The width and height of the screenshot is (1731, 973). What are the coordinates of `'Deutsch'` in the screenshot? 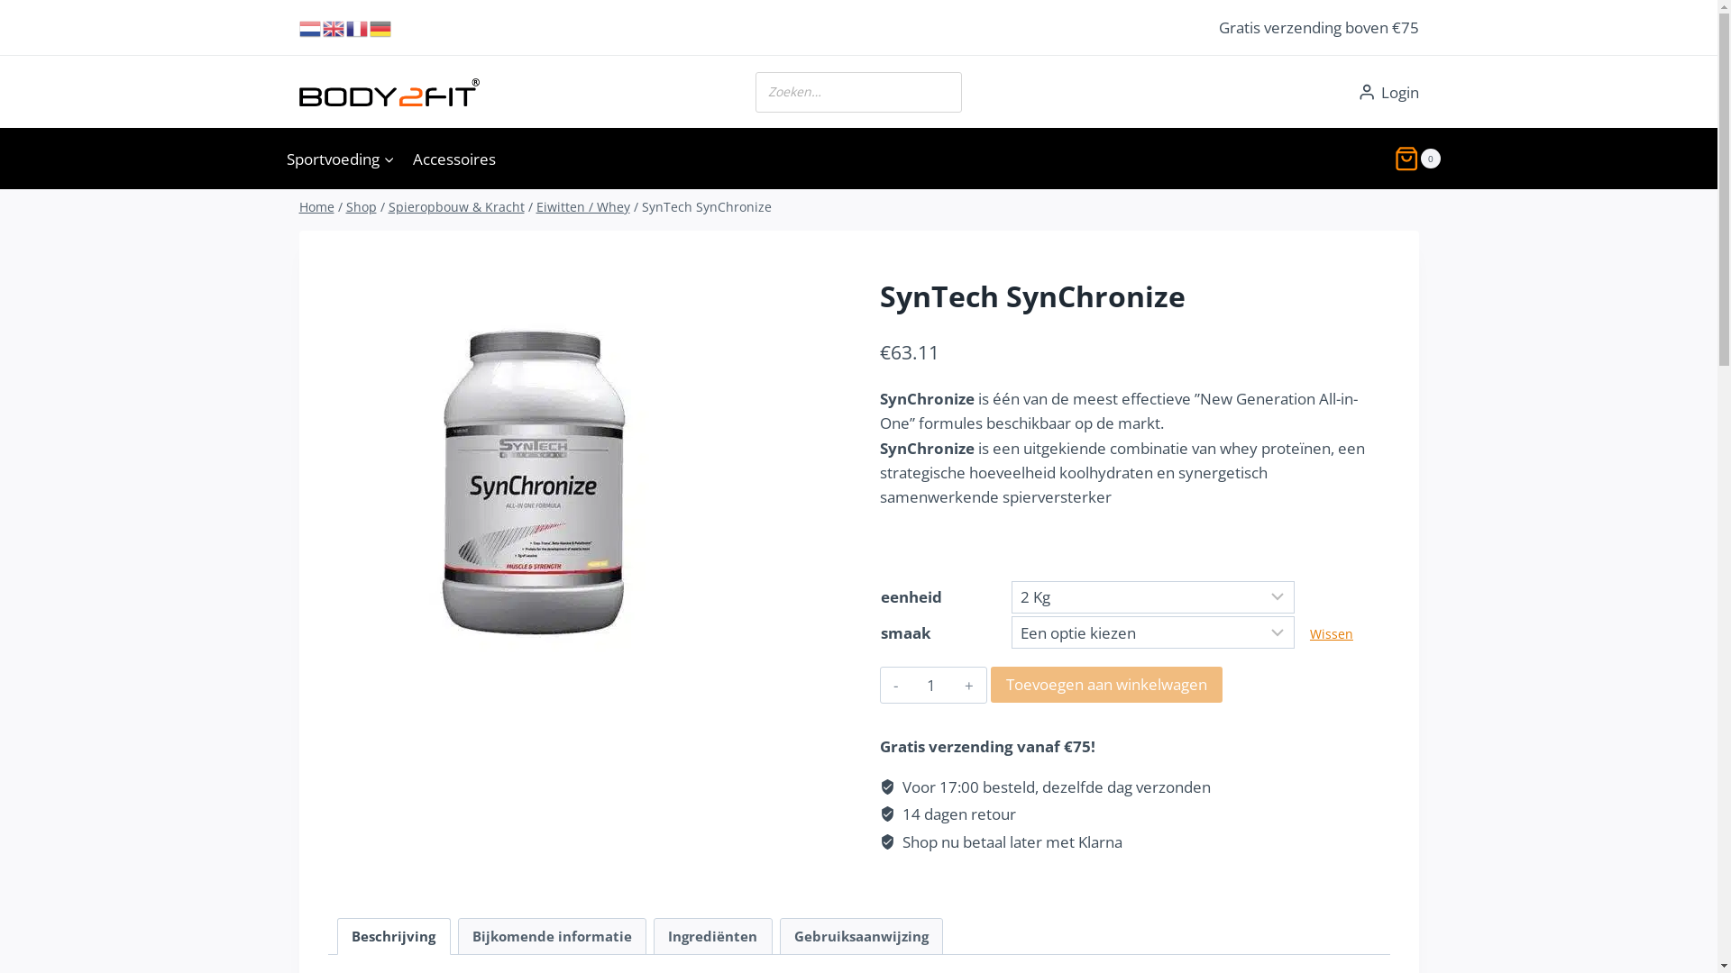 It's located at (380, 27).